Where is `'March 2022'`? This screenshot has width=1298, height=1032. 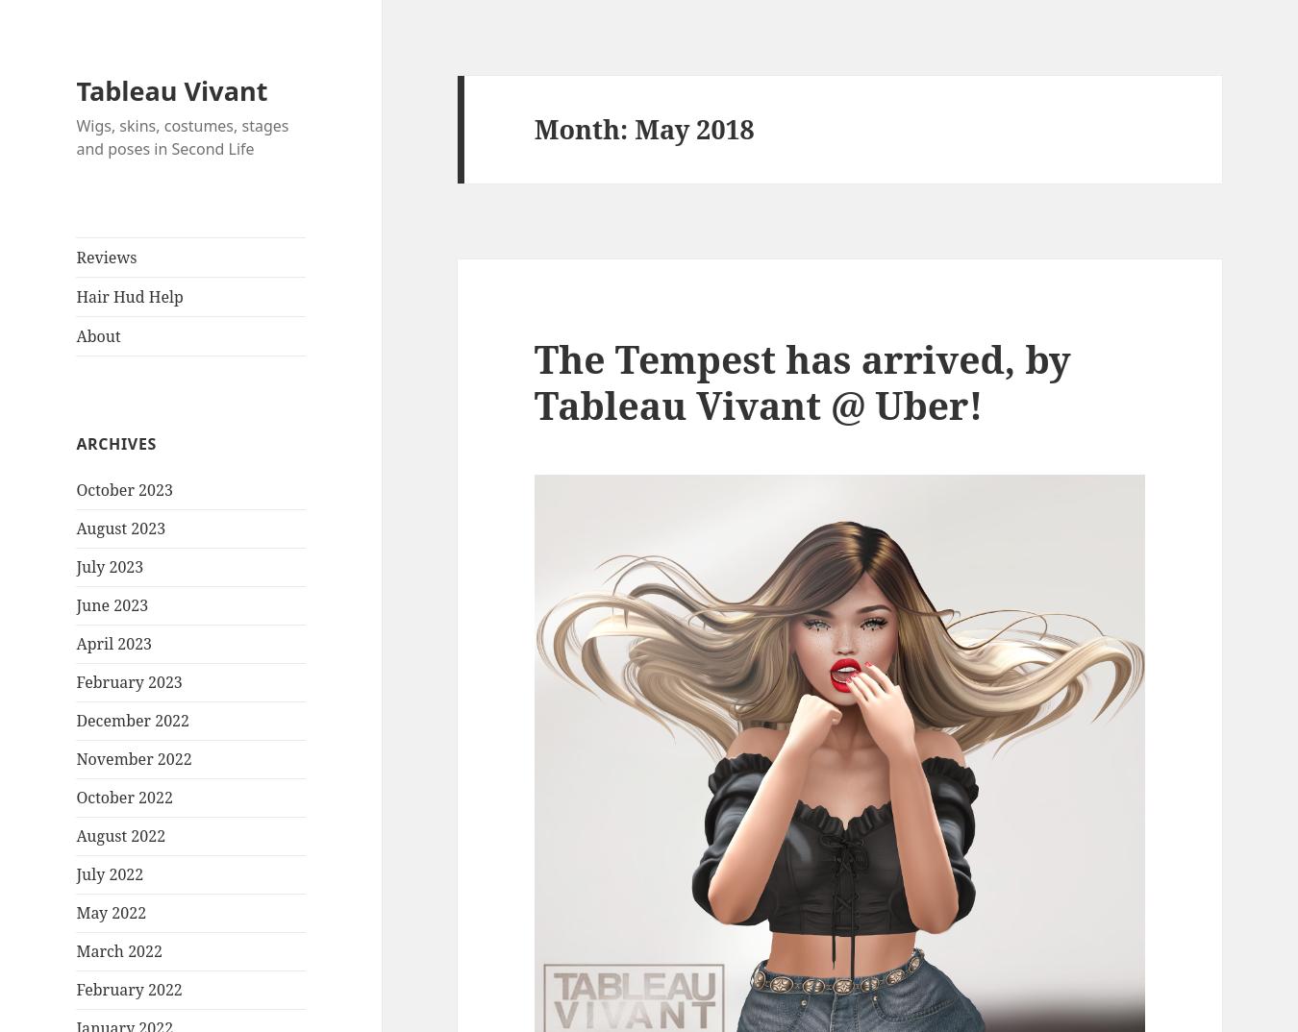 'March 2022' is located at coordinates (74, 950).